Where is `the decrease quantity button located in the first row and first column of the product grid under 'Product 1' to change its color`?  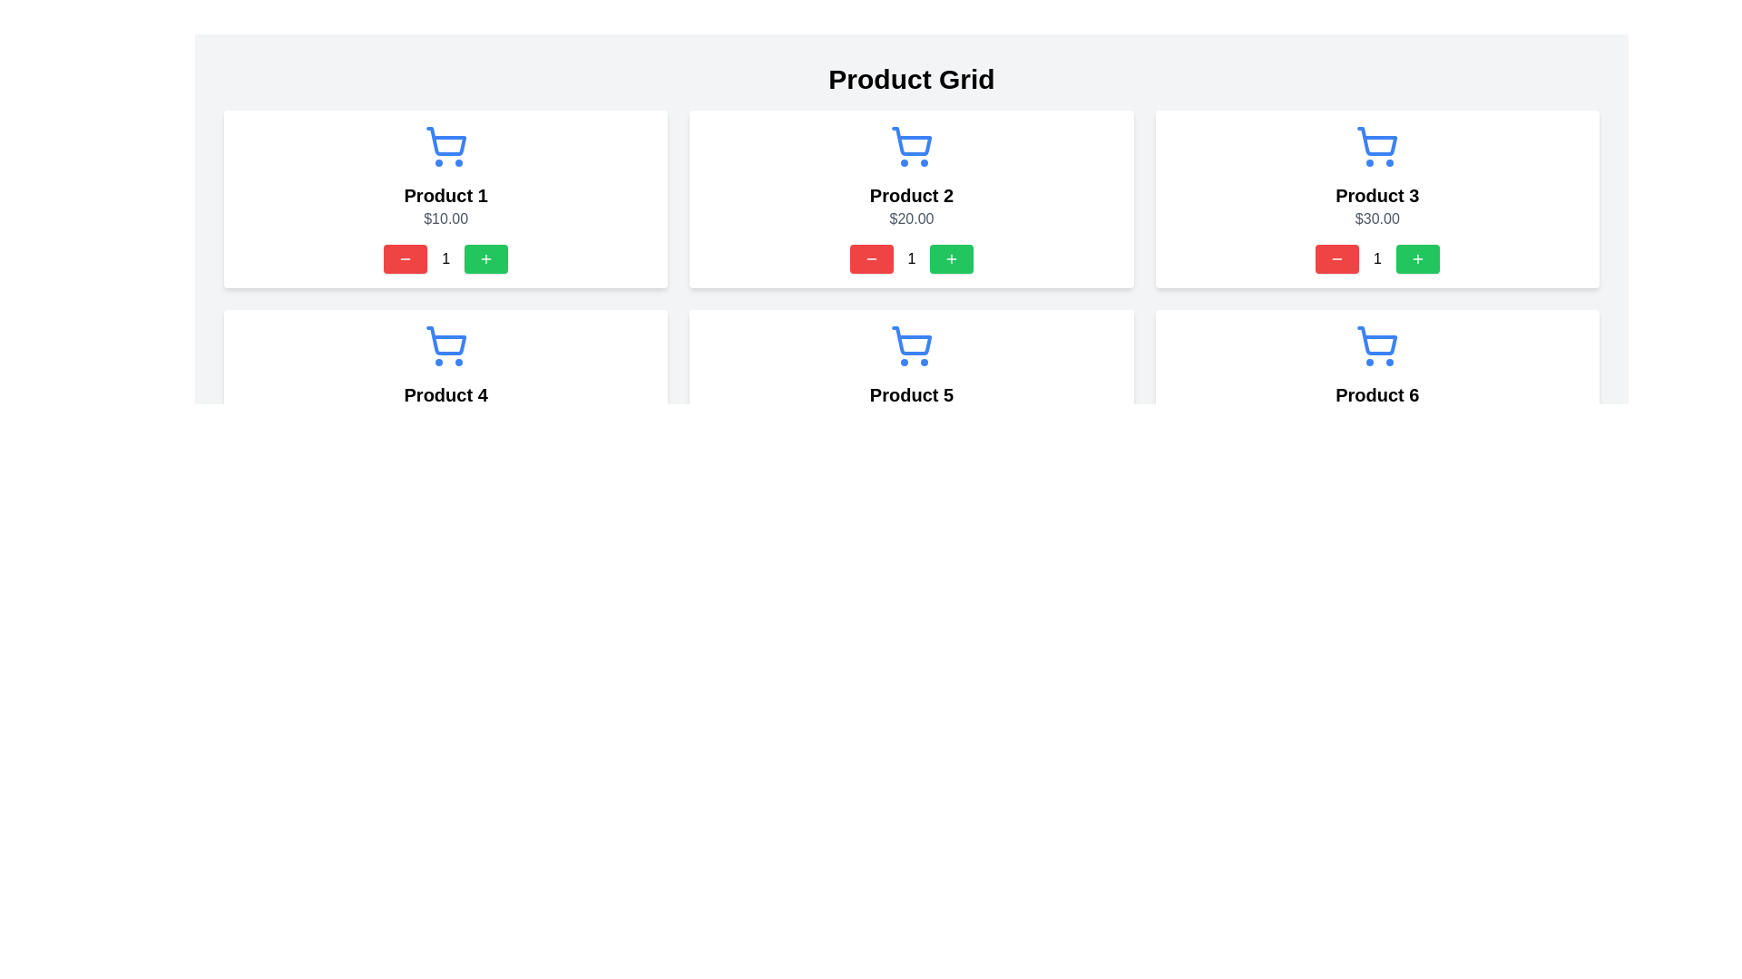
the decrease quantity button located in the first row and first column of the product grid under 'Product 1' to change its color is located at coordinates (405, 258).